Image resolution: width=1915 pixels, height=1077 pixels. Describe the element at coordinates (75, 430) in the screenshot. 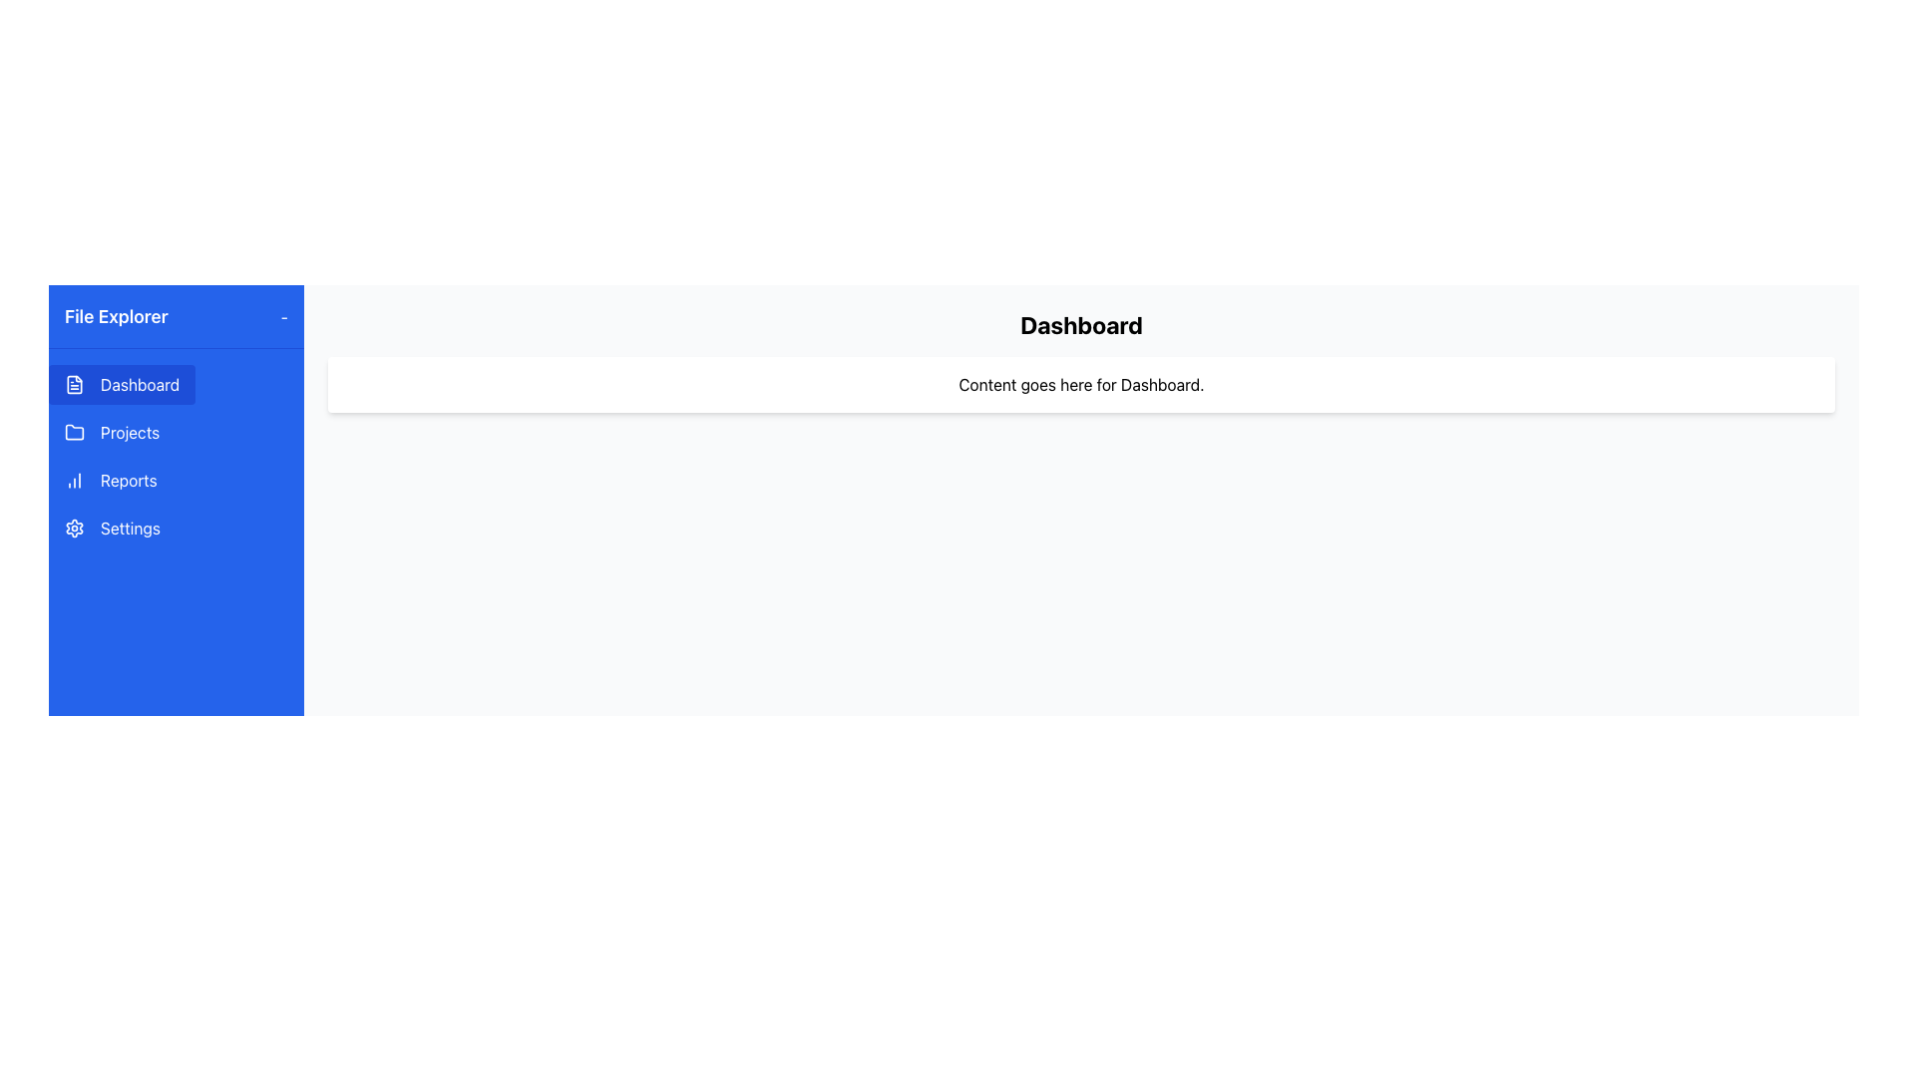

I see `the blue folder-like icon located next to the 'Projects' menu item` at that location.